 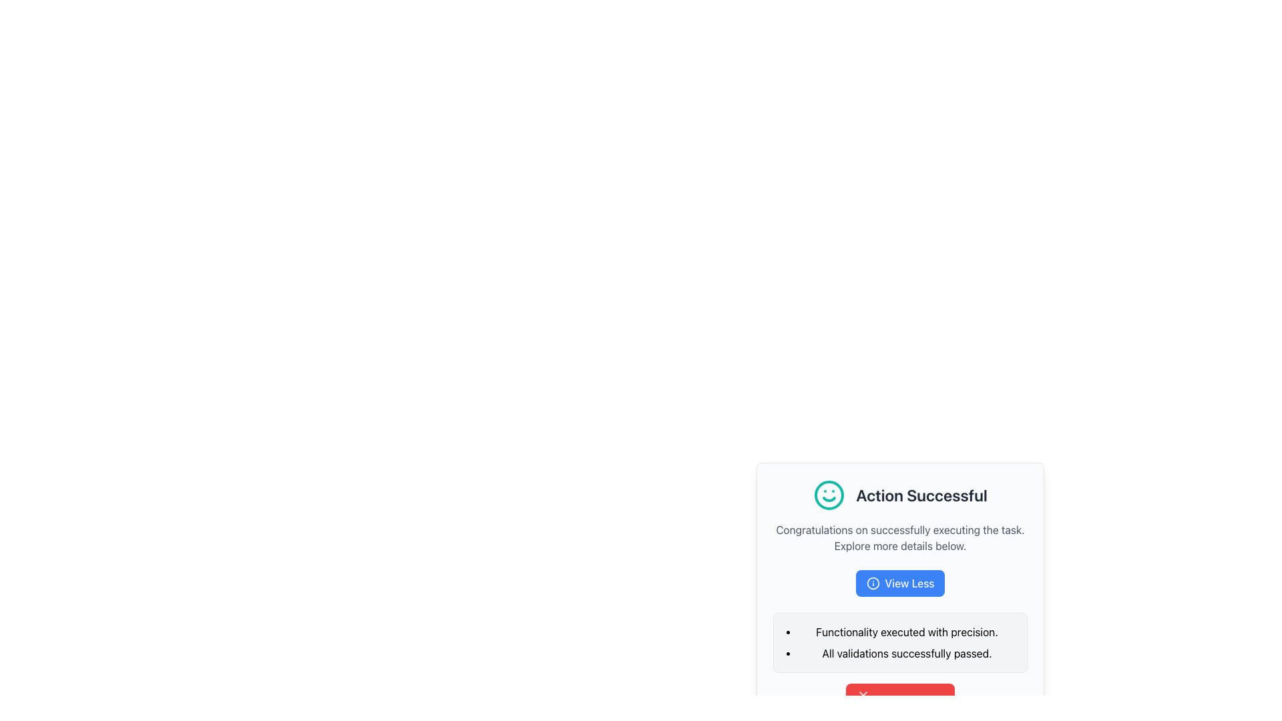 I want to click on the outer circular component of the smiley face SVG that visually establishes the boundary of the smiley icon, so click(x=829, y=495).